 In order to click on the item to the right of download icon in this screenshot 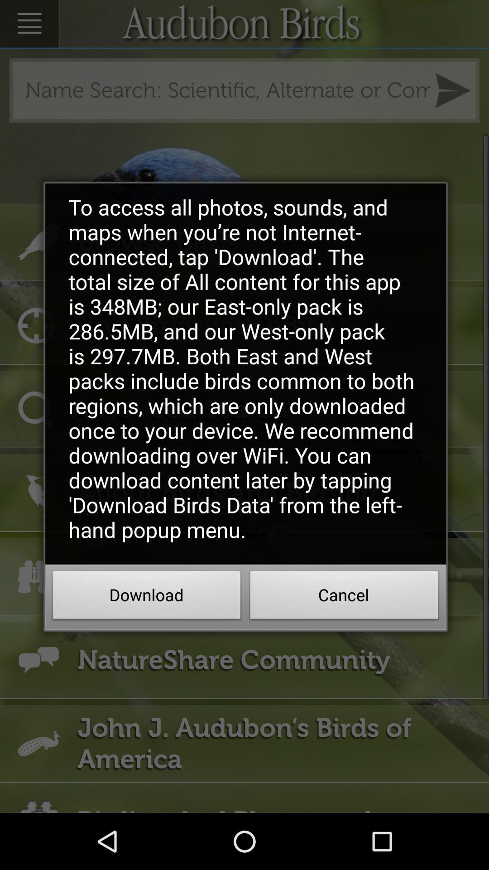, I will do `click(344, 598)`.